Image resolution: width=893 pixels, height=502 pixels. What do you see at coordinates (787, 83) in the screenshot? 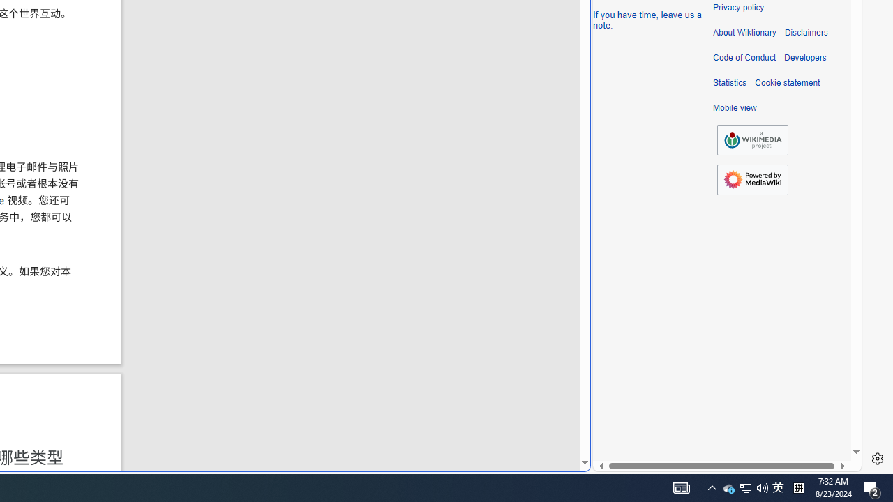
I see `'Cookie statement'` at bounding box center [787, 83].